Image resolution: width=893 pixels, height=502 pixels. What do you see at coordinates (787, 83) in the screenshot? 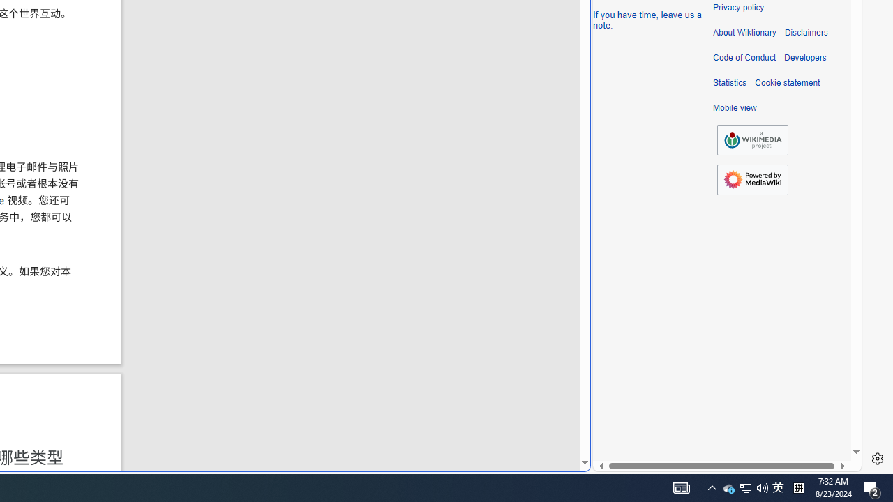
I see `'Cookie statement'` at bounding box center [787, 83].